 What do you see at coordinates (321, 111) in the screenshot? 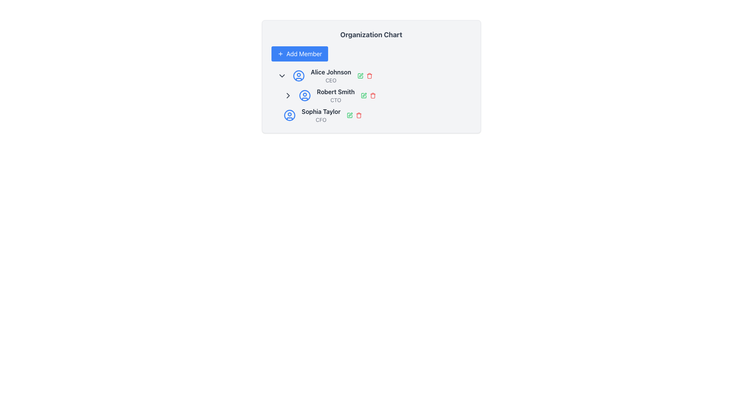
I see `the static text element displaying the name 'Sophia Taylor' which is located under the 'Organization Chart' section` at bounding box center [321, 111].